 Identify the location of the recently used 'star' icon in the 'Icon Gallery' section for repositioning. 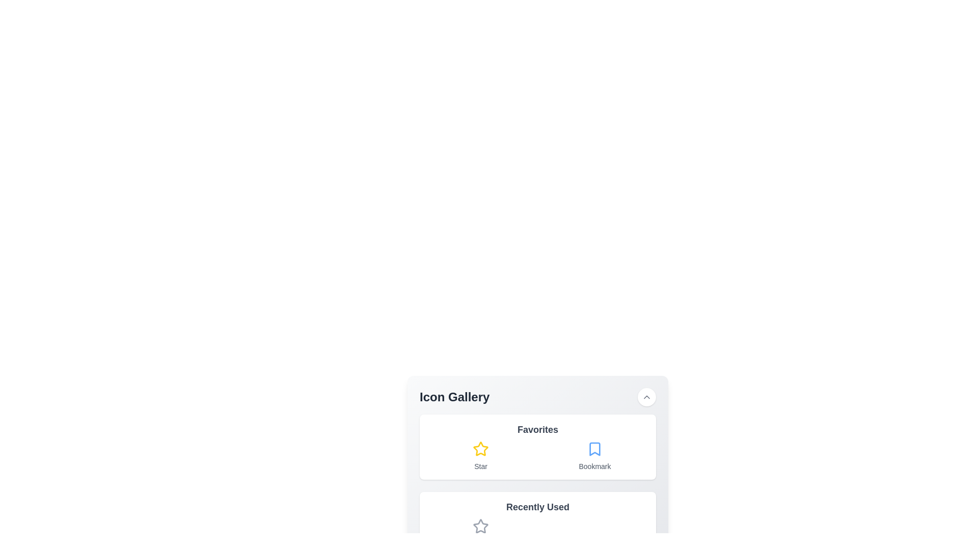
(480, 526).